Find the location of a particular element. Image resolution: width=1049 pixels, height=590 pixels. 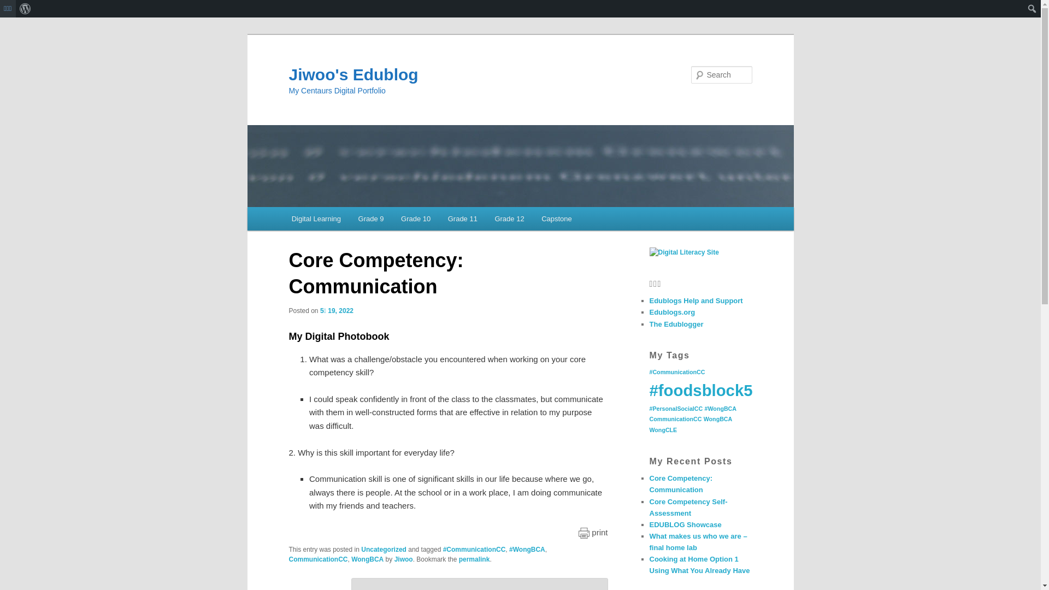

'WongBCA' is located at coordinates (367, 559).